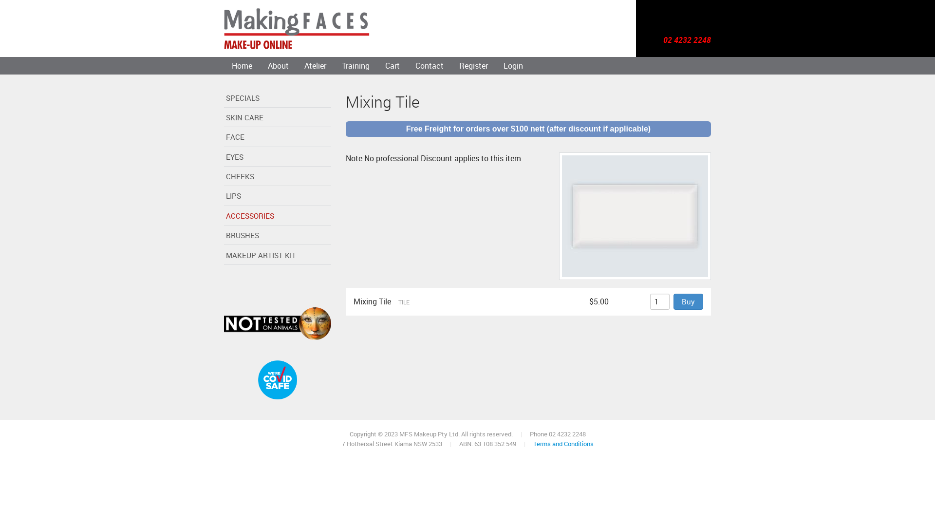 The width and height of the screenshot is (935, 526). Describe the element at coordinates (393, 66) in the screenshot. I see `'Cart'` at that location.